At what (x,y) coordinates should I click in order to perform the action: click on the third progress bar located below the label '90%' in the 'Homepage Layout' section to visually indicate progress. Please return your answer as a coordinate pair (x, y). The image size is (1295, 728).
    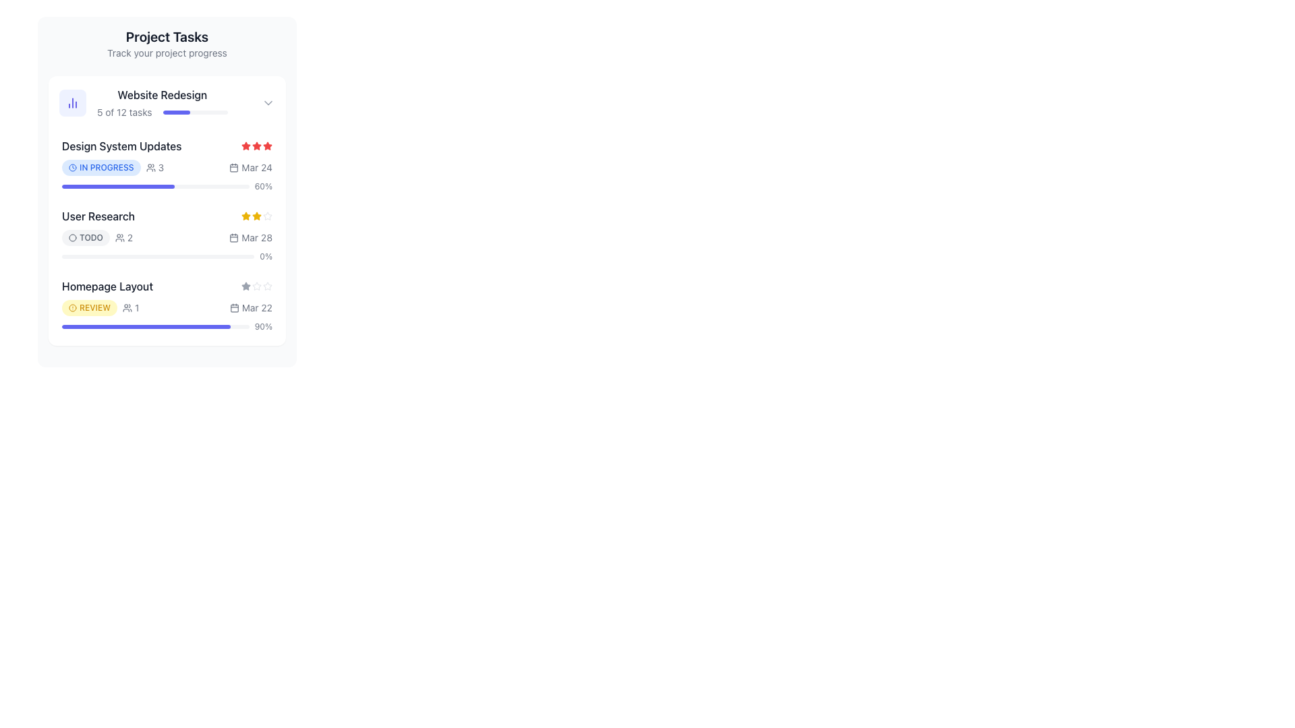
    Looking at the image, I should click on (155, 327).